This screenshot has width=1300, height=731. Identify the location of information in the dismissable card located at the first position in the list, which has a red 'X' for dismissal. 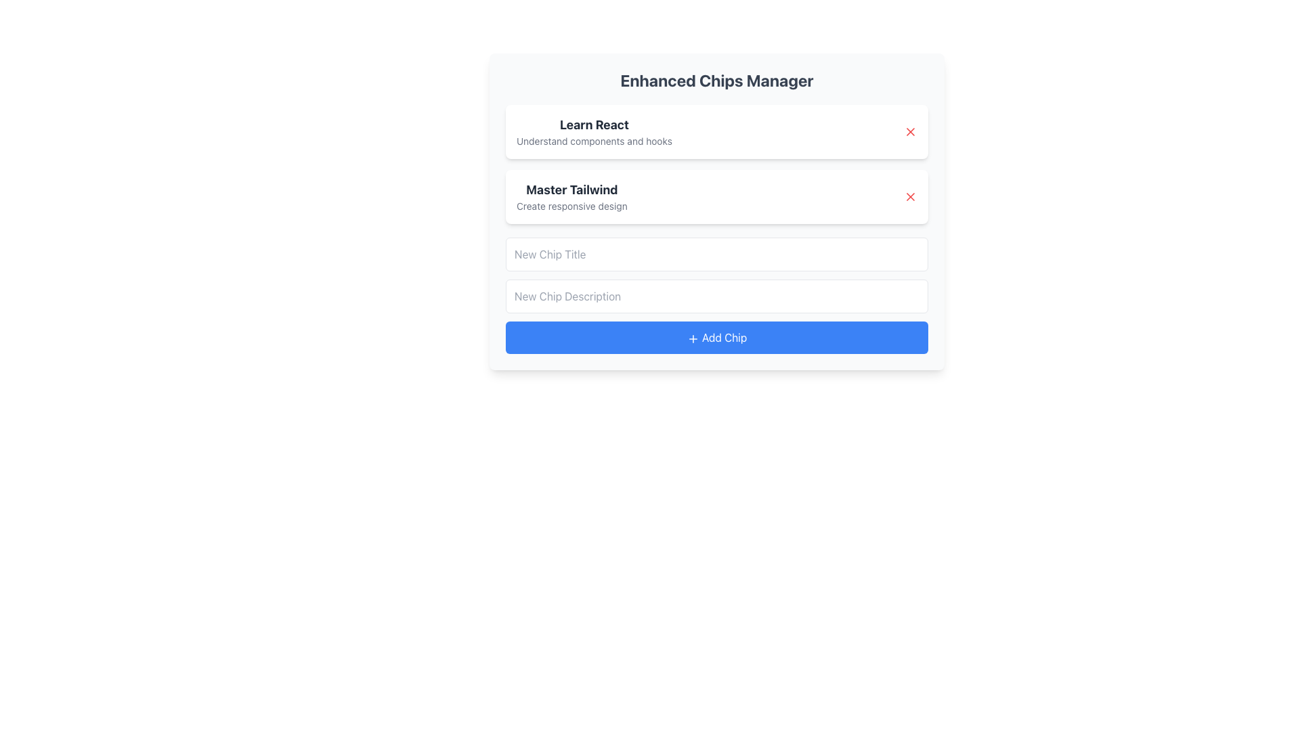
(716, 132).